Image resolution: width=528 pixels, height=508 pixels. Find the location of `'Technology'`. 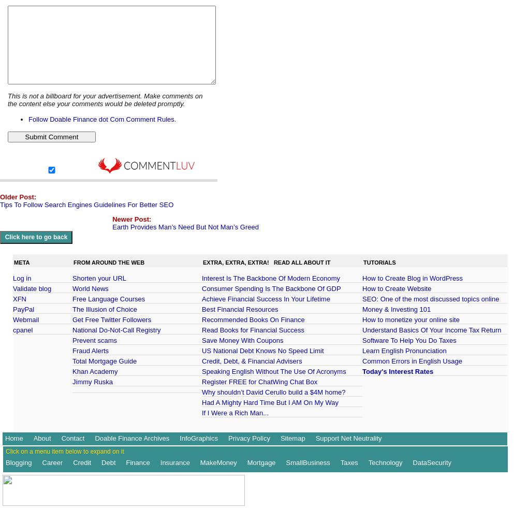

'Technology' is located at coordinates (368, 462).